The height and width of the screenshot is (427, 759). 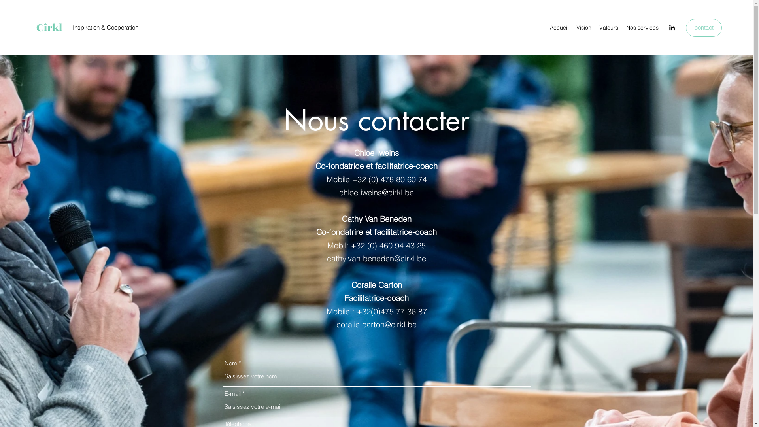 I want to click on 'contact', so click(x=704, y=27).